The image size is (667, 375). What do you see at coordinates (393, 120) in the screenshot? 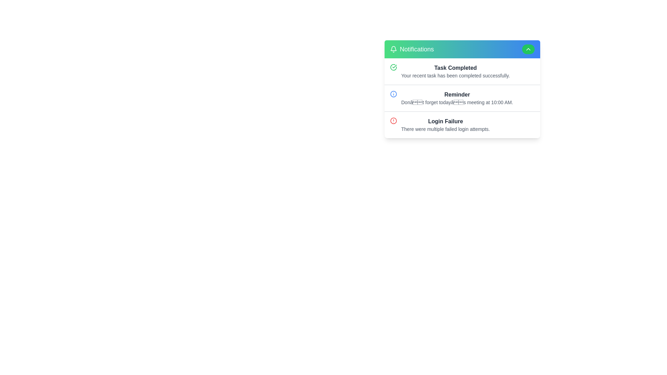
I see `the Circle SVG graphical element that indicates an alert or attention in the notification interface, located at the top-right corner of the notification card` at bounding box center [393, 120].